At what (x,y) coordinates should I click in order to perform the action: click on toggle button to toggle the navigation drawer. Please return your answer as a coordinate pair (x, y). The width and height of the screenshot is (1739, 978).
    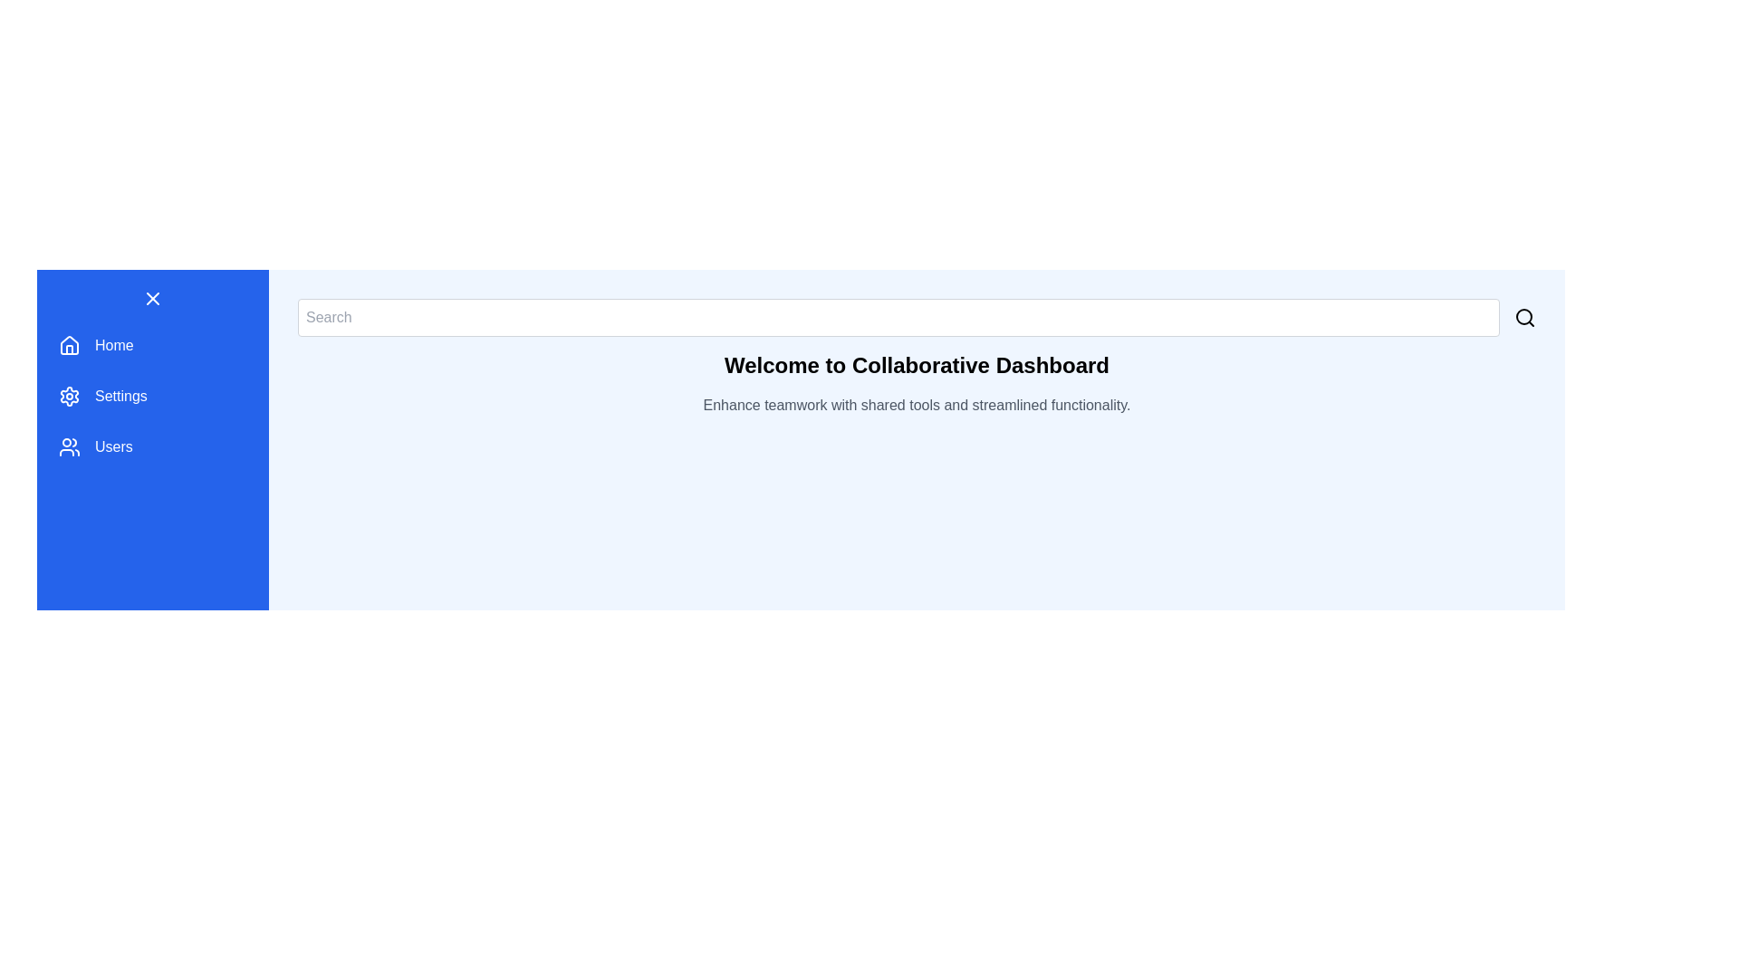
    Looking at the image, I should click on (152, 298).